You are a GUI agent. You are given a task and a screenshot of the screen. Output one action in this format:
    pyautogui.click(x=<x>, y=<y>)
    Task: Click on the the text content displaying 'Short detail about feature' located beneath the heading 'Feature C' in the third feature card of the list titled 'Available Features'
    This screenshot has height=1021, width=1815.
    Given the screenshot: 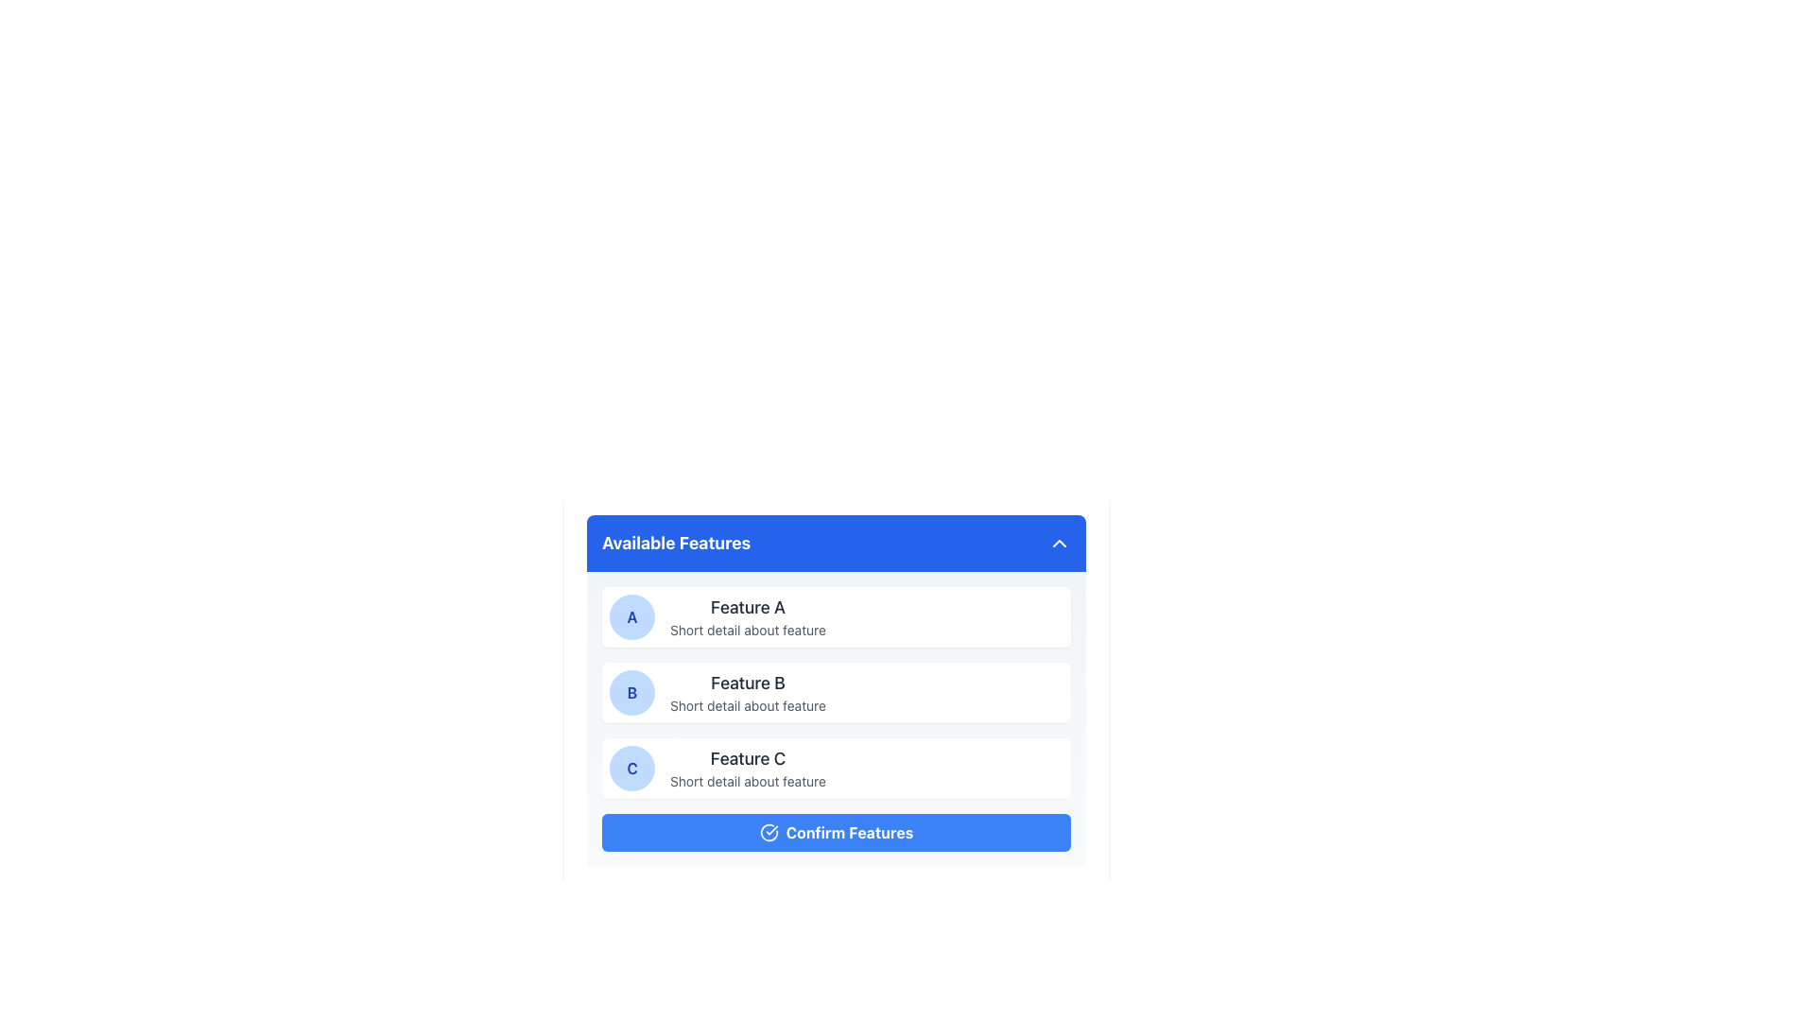 What is the action you would take?
    pyautogui.click(x=747, y=781)
    